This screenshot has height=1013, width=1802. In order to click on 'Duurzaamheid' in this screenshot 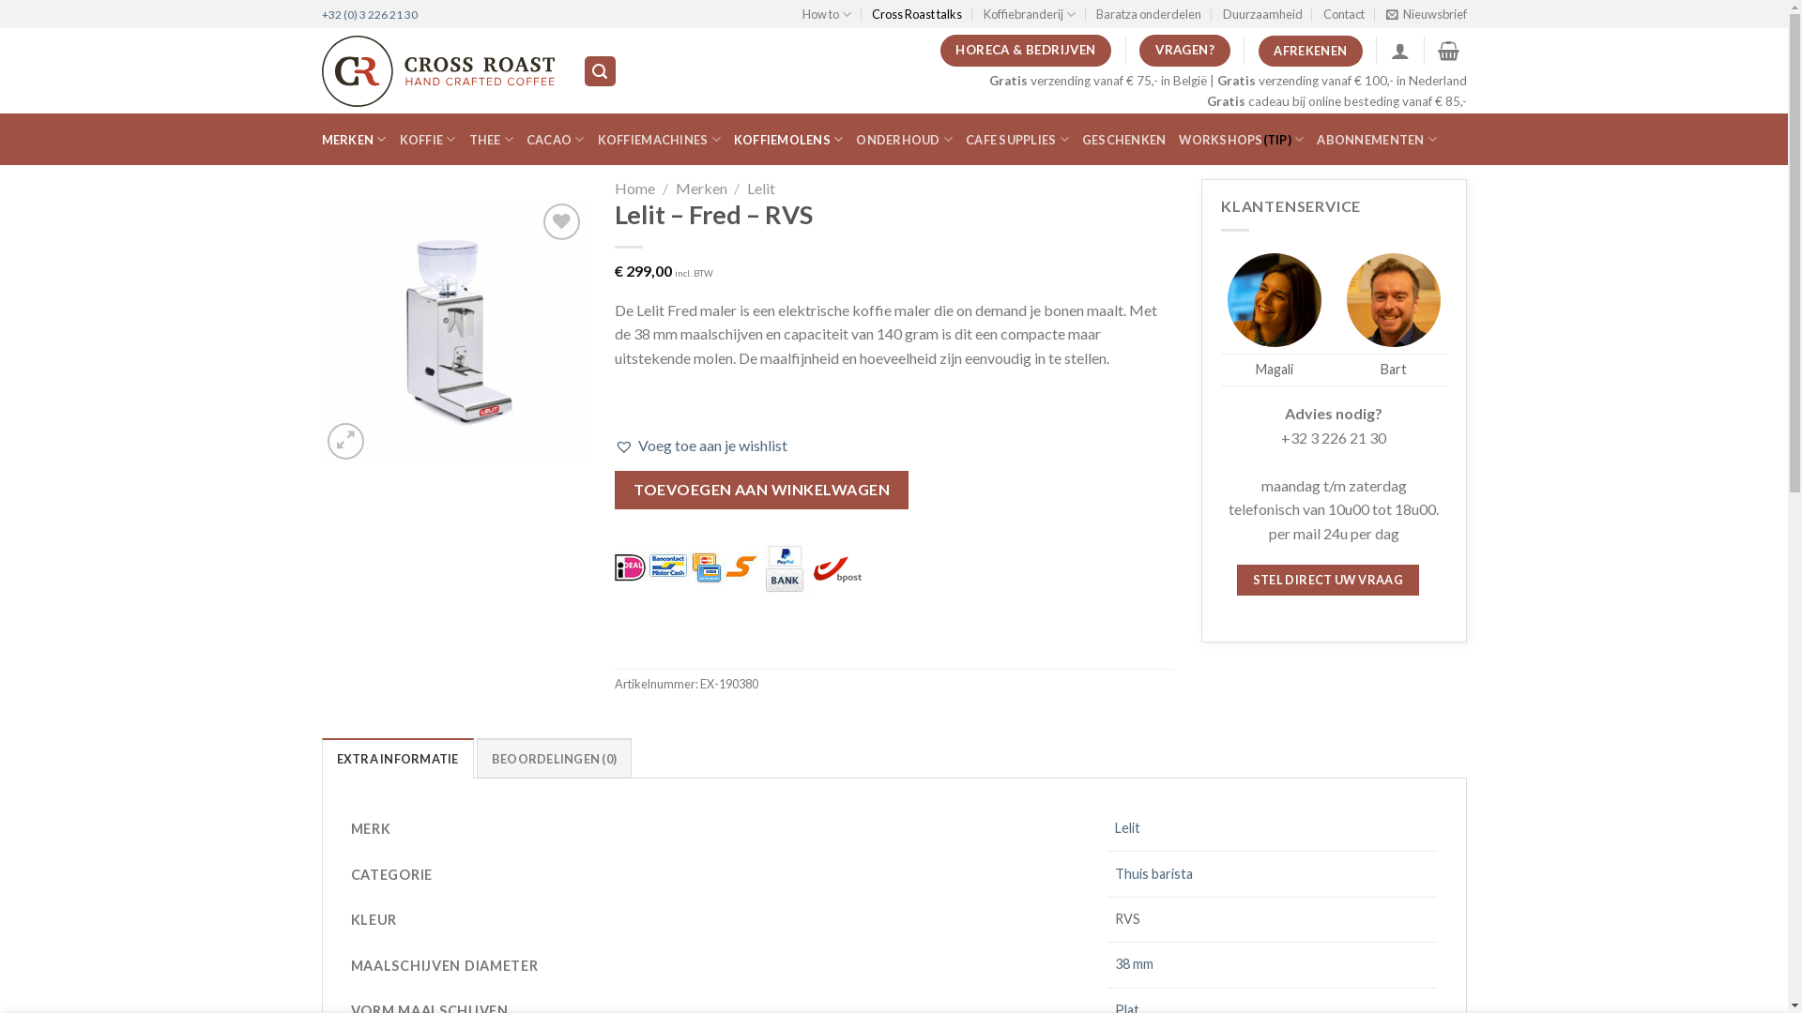, I will do `click(1262, 14)`.